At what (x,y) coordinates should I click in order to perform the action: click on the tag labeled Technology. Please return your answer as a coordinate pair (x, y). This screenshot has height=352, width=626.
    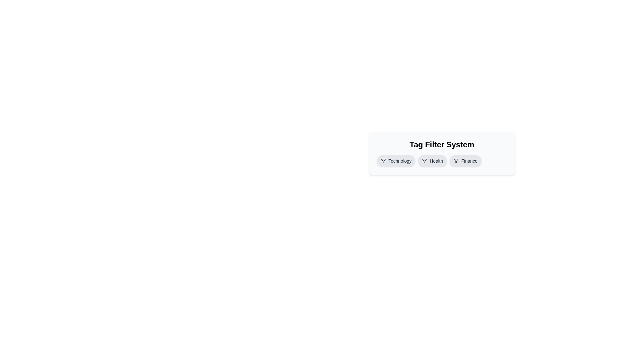
    Looking at the image, I should click on (395, 161).